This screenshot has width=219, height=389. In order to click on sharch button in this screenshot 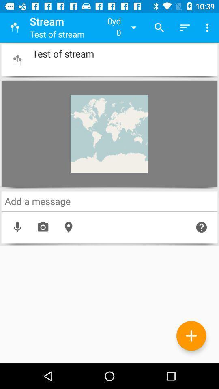, I will do `click(109, 201)`.